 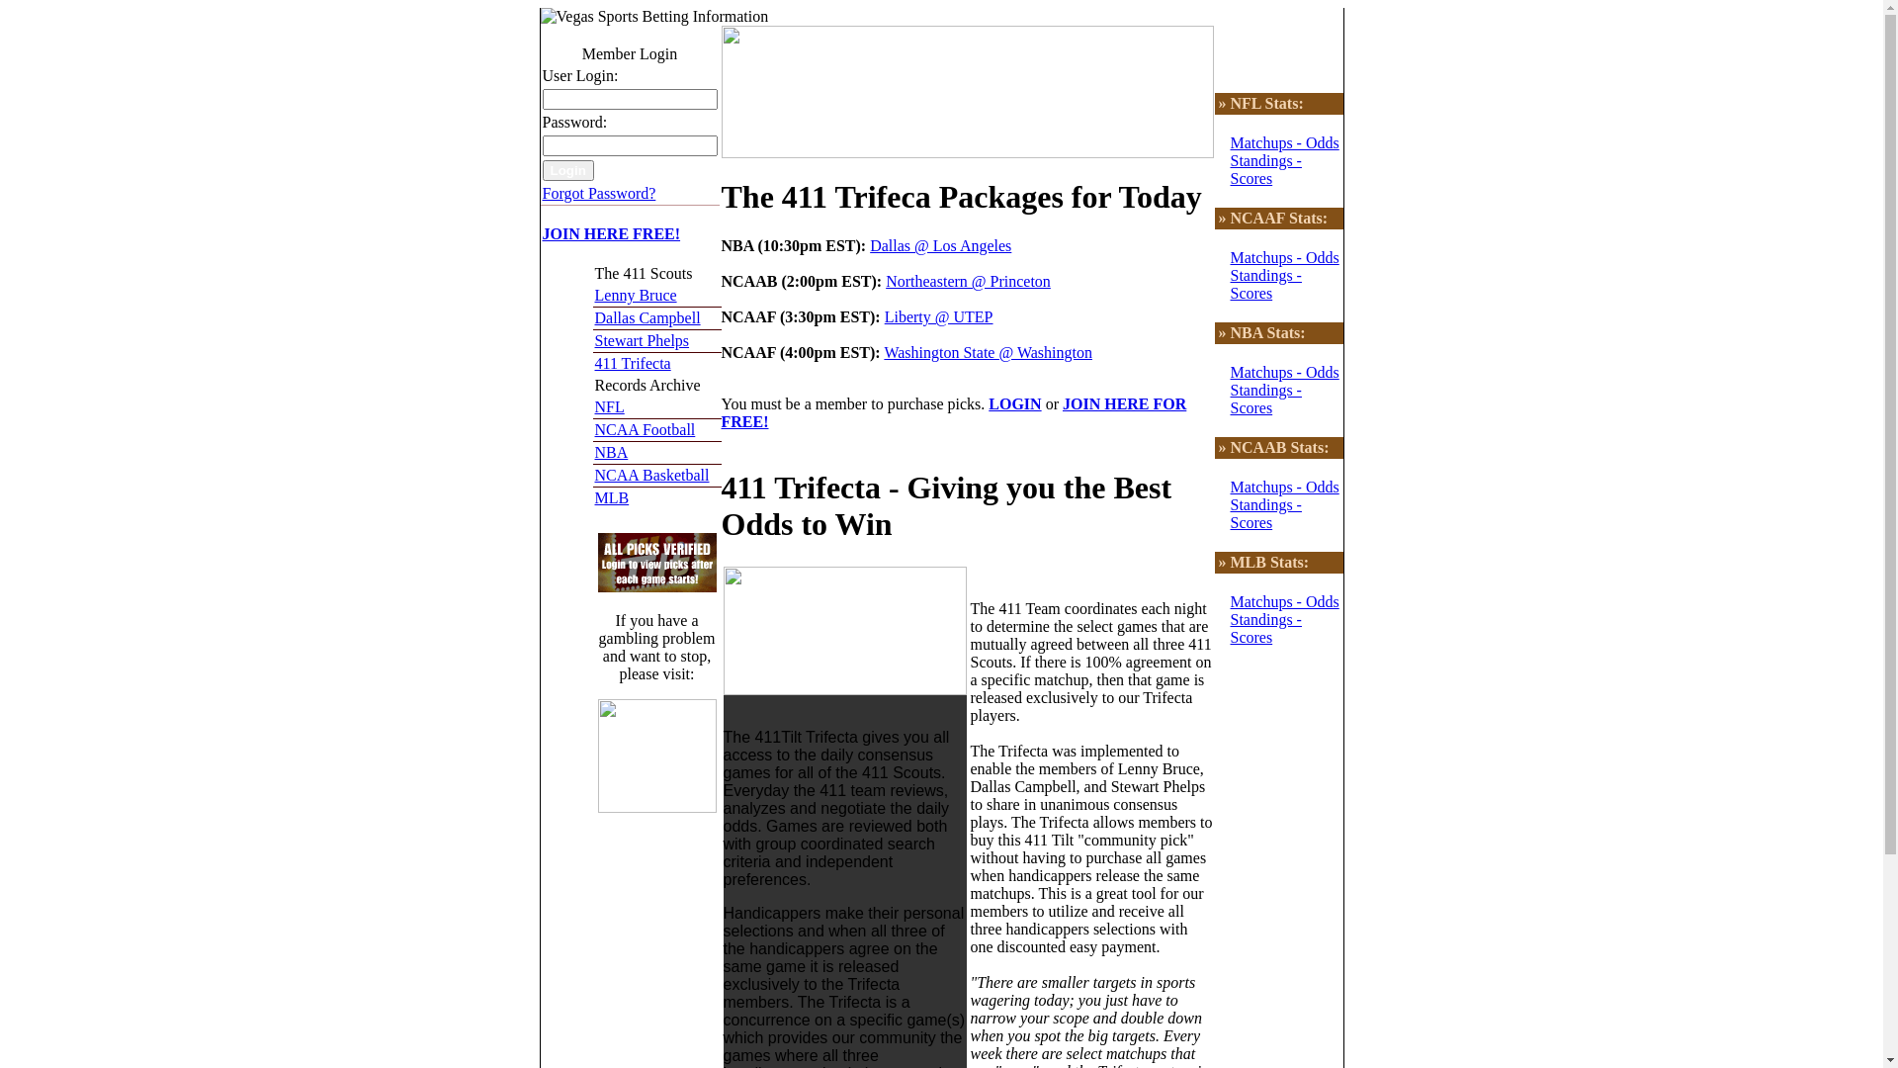 I want to click on 'JOIN HERE FREE!', so click(x=610, y=241).